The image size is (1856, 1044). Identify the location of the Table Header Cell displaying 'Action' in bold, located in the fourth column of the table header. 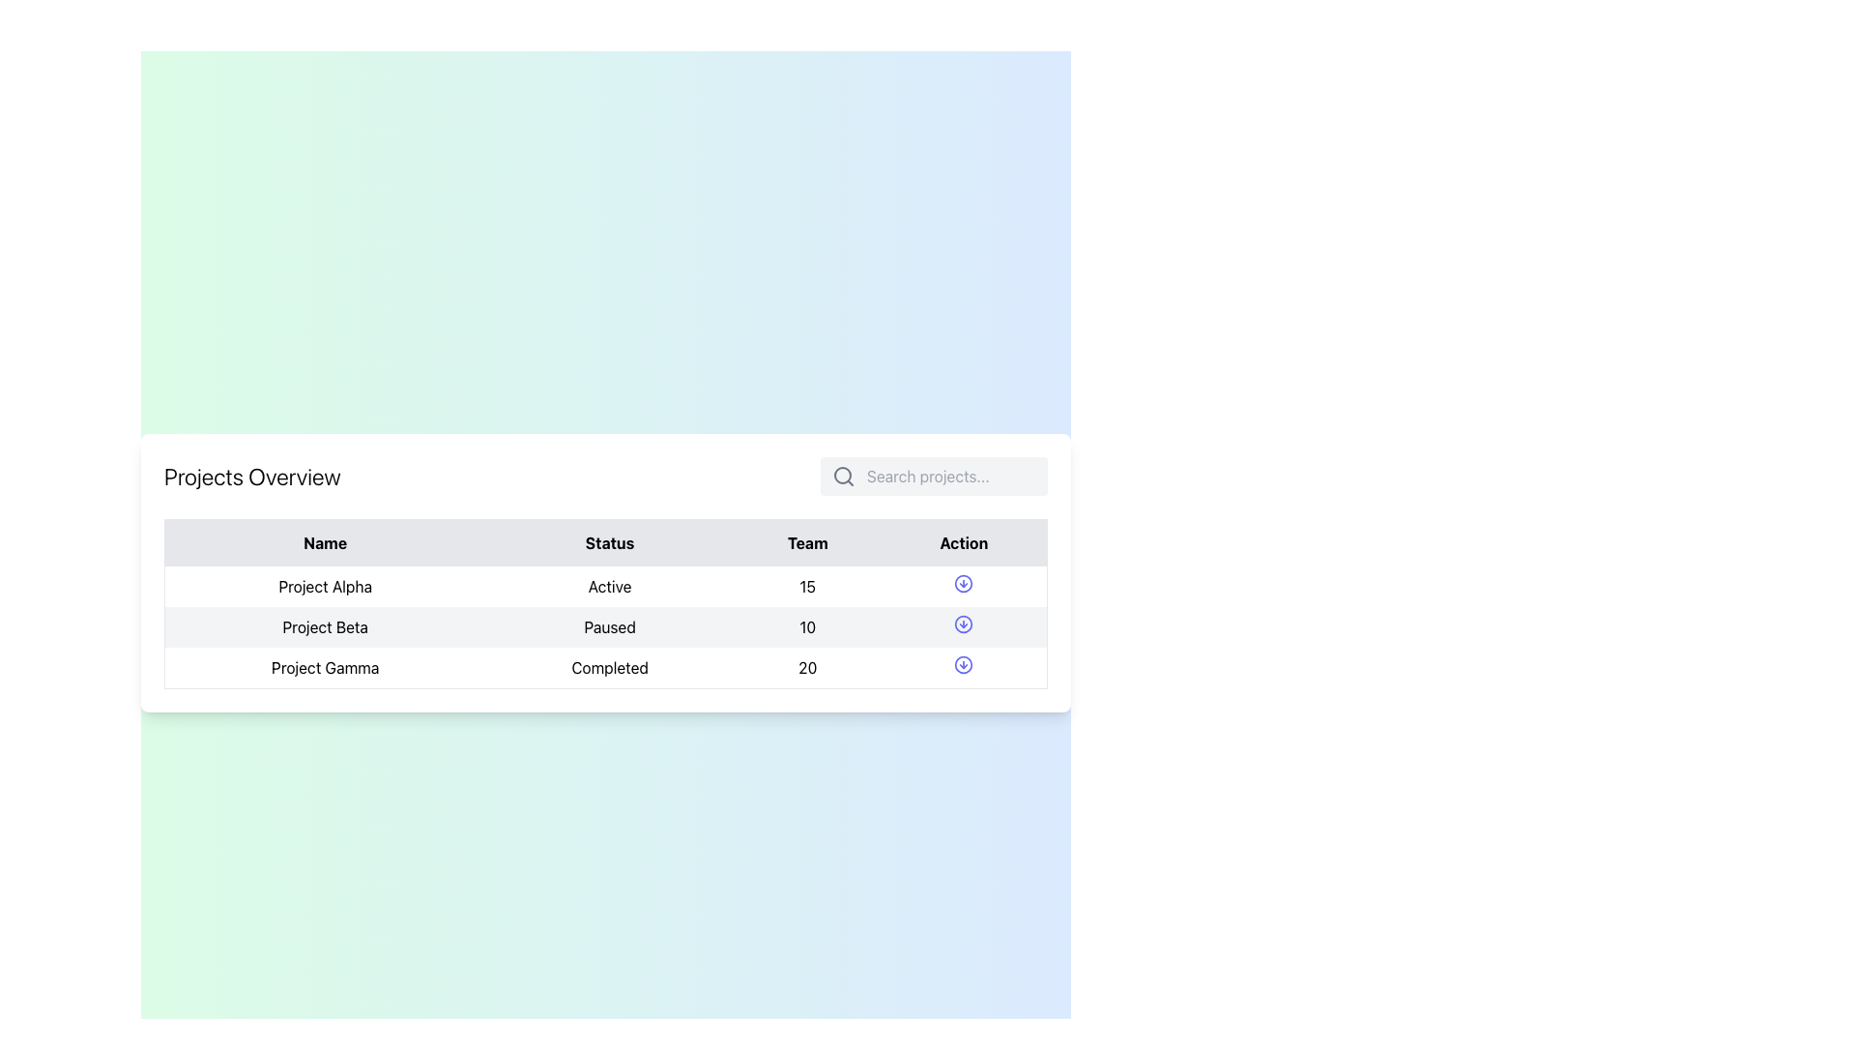
(964, 542).